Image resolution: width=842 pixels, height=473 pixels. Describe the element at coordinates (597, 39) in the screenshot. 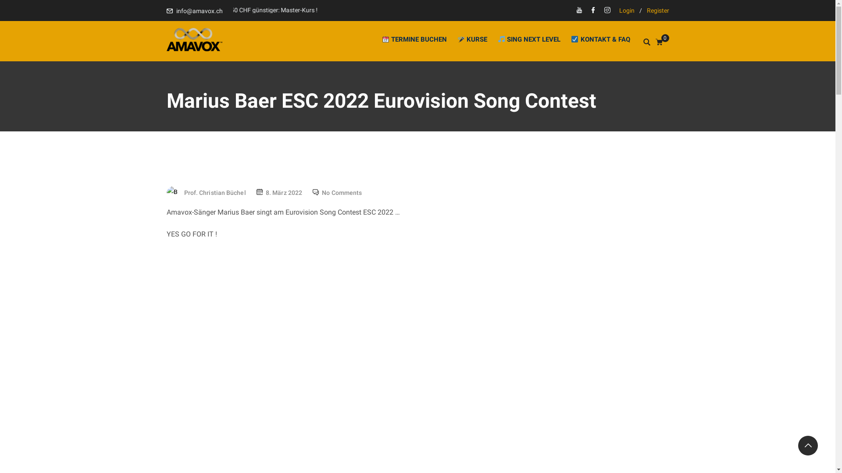

I see `'KONTAKT & FAQ'` at that location.